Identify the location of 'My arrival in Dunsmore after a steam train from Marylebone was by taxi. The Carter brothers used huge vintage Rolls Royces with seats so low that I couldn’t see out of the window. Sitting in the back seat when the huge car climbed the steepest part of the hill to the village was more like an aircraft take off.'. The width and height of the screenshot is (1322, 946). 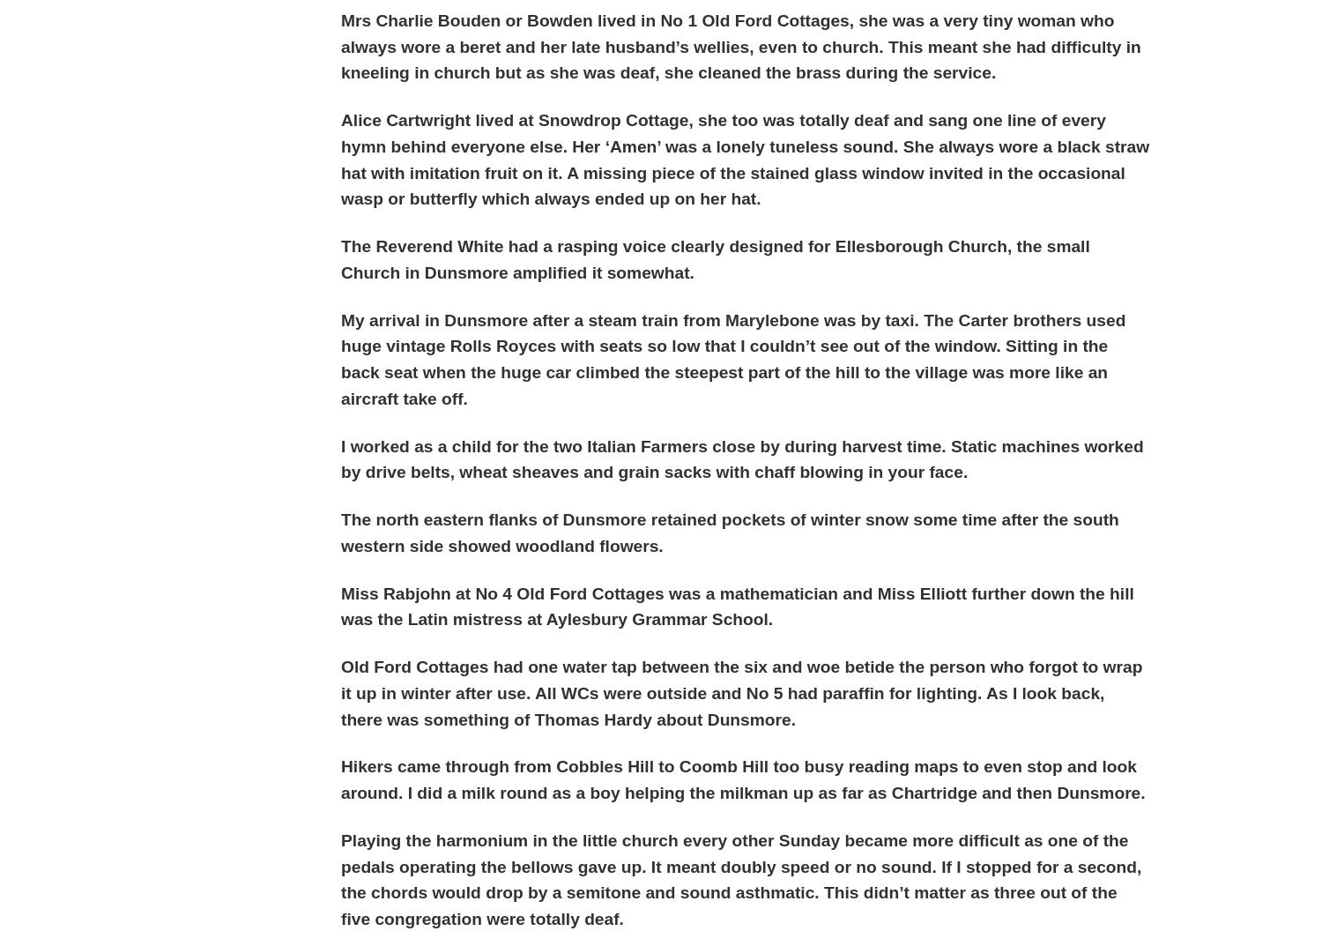
(732, 357).